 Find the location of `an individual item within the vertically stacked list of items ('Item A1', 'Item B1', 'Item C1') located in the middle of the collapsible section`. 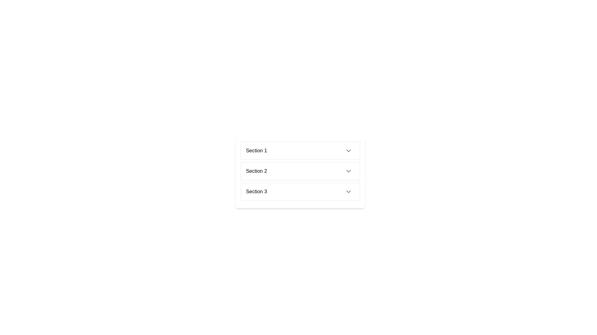

an individual item within the vertically stacked list of items ('Item A1', 'Item B1', 'Item C1') located in the middle of the collapsible section is located at coordinates (300, 184).